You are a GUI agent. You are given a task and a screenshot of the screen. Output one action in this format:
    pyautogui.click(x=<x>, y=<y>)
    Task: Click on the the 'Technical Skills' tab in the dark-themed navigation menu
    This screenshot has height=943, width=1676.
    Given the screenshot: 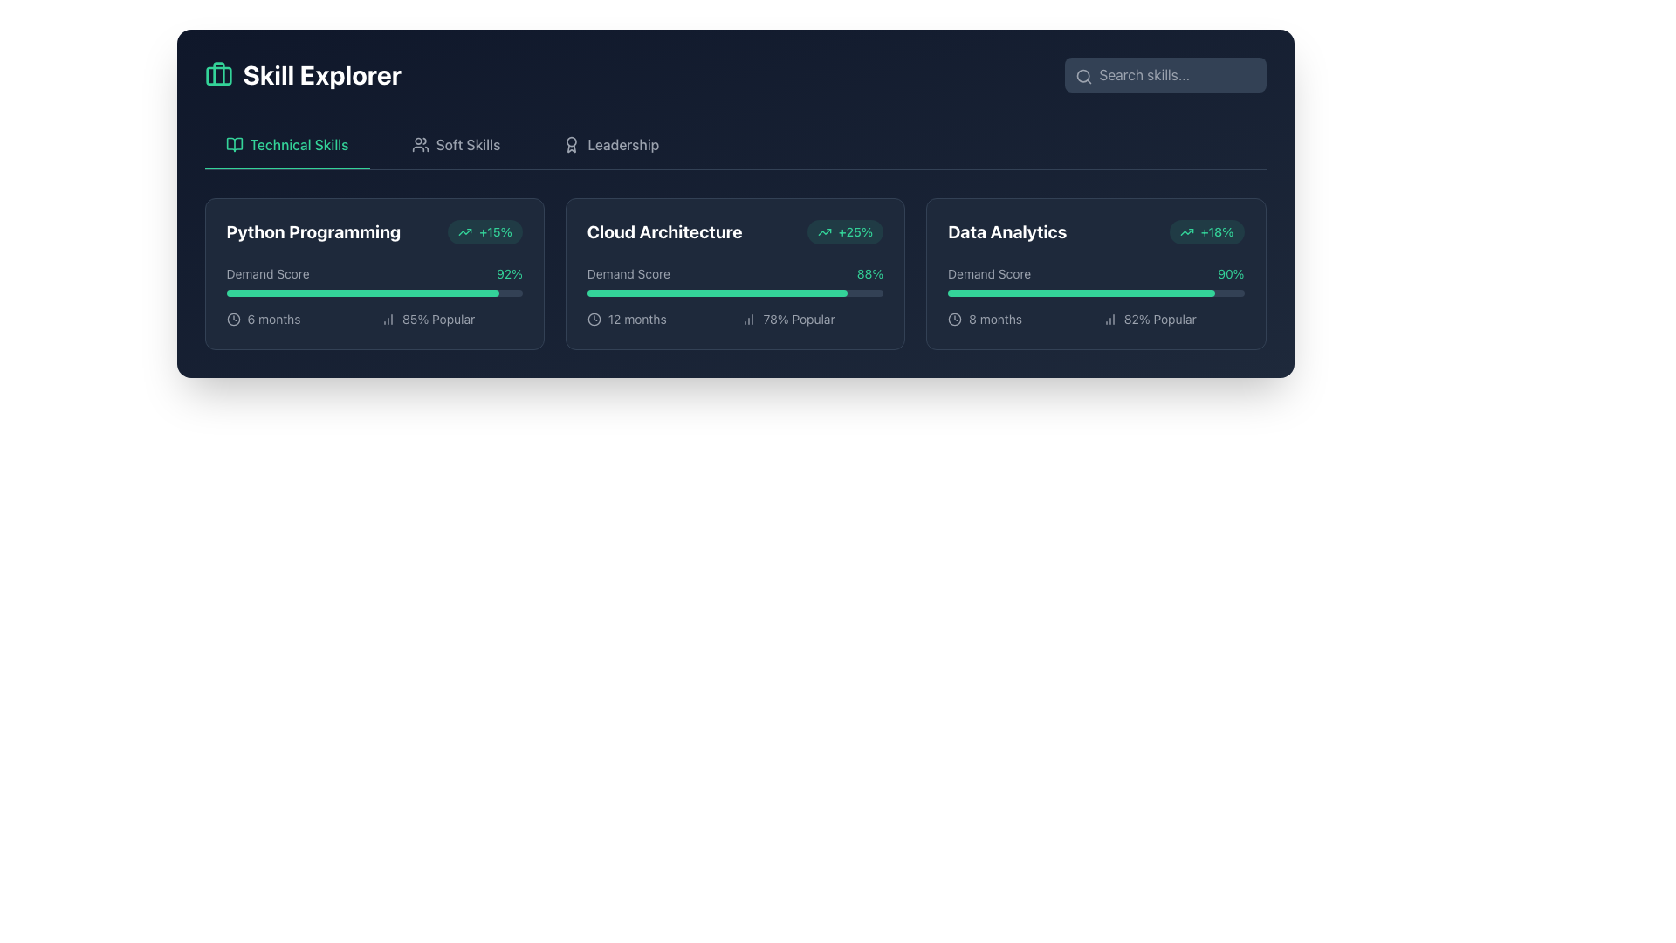 What is the action you would take?
    pyautogui.click(x=735, y=143)
    